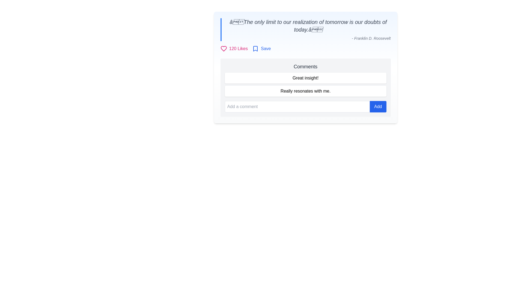 The image size is (524, 294). I want to click on the rectangular blue button with white text 'Add', so click(378, 107).